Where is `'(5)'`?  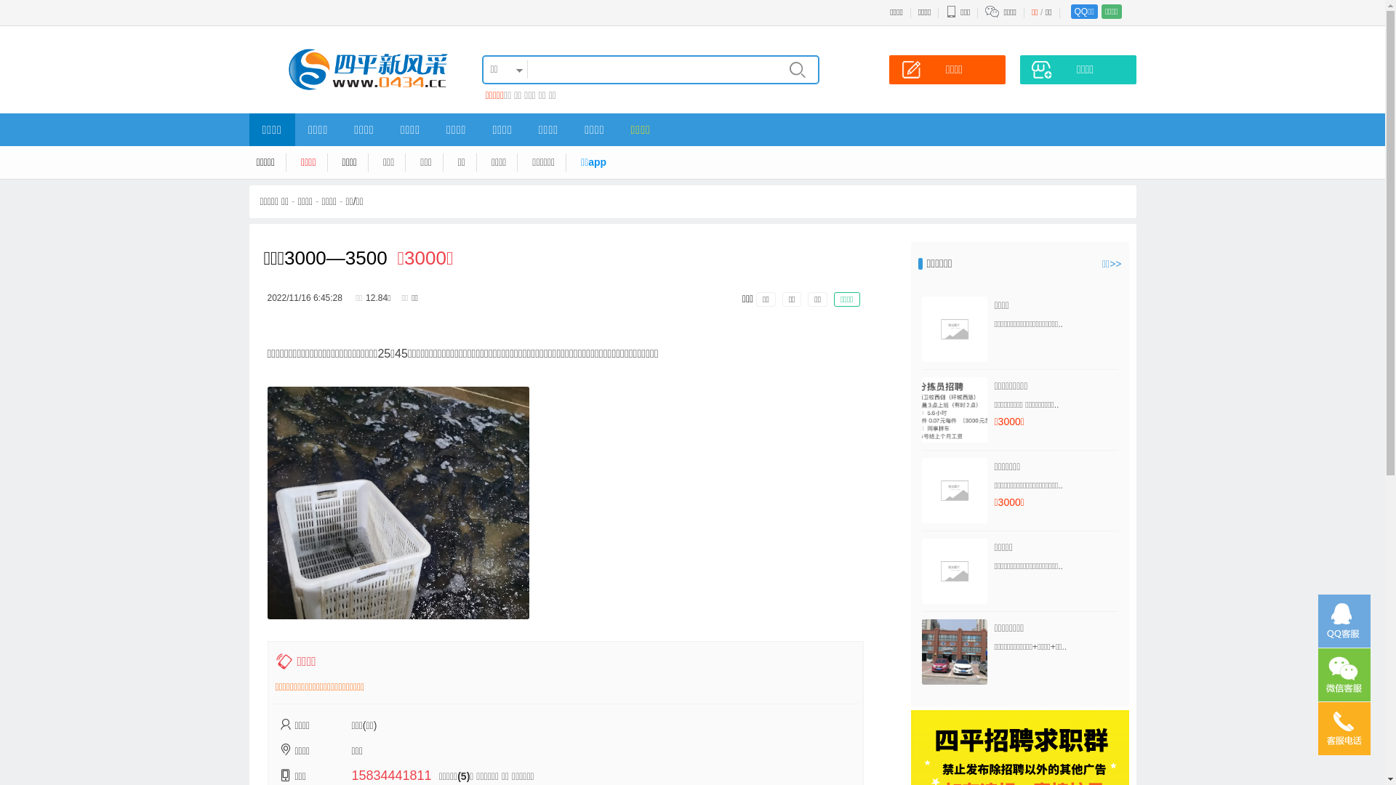
'(5)' is located at coordinates (462, 776).